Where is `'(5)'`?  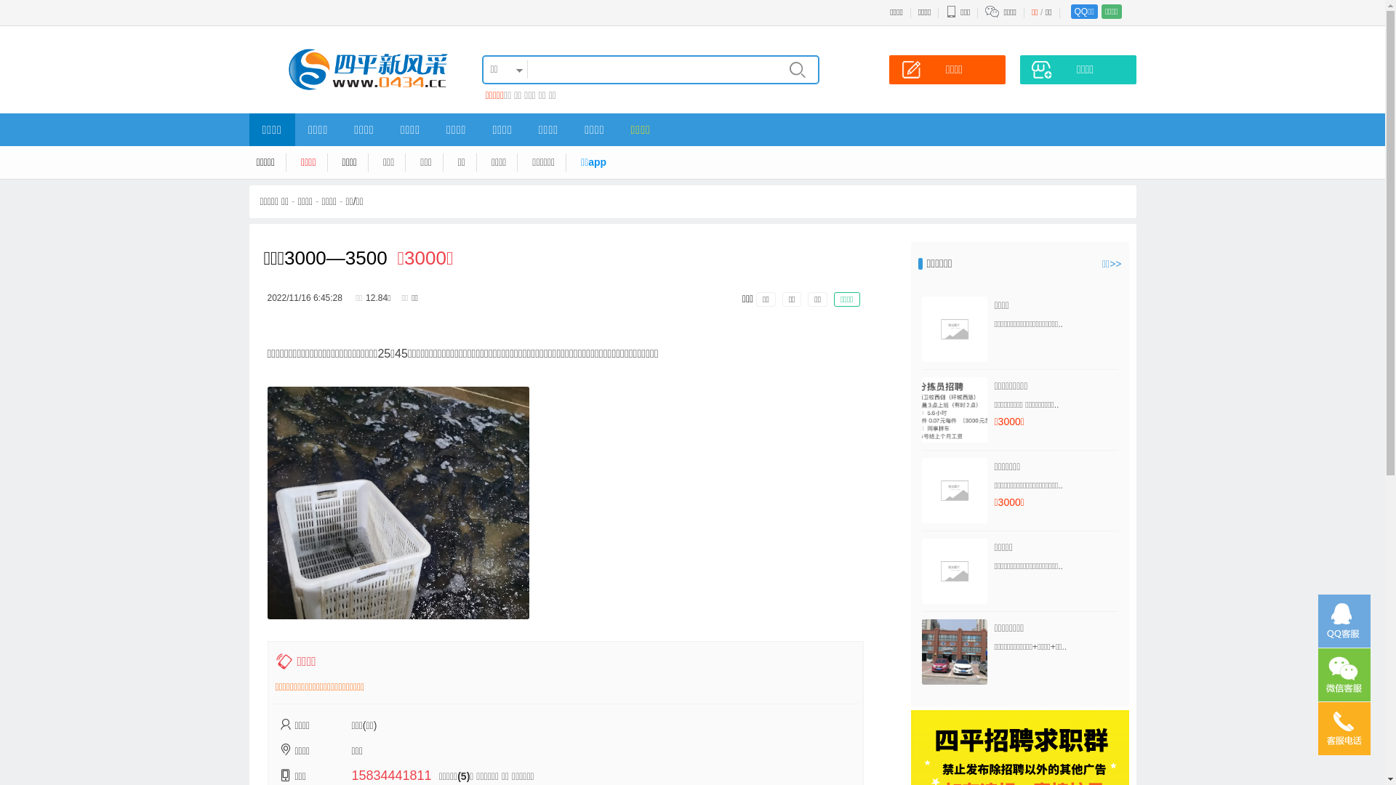
'(5)' is located at coordinates (462, 776).